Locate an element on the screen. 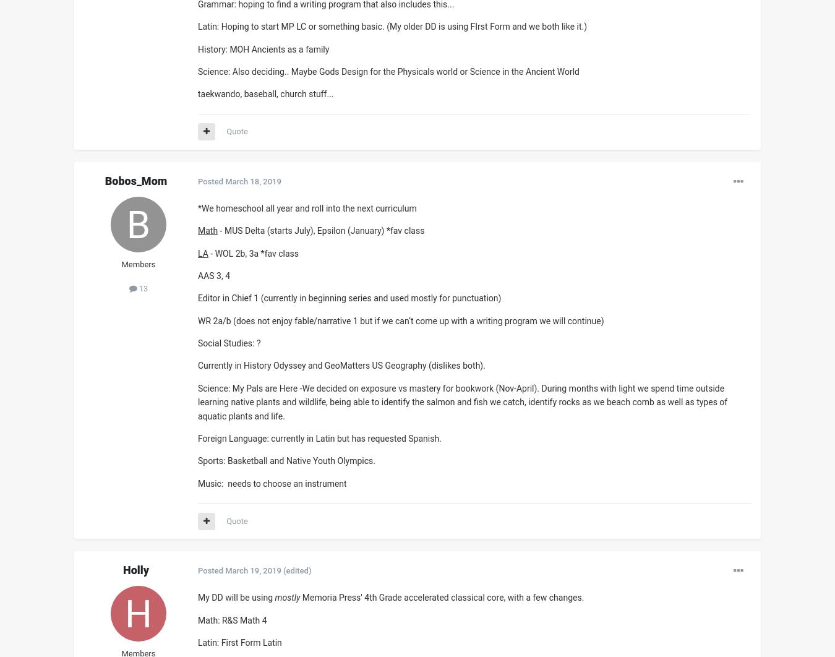  'WR 2a/b (does not enjoy fable/narrative 1 but if we can’t come up with a writing program we will continue)' is located at coordinates (402, 320).